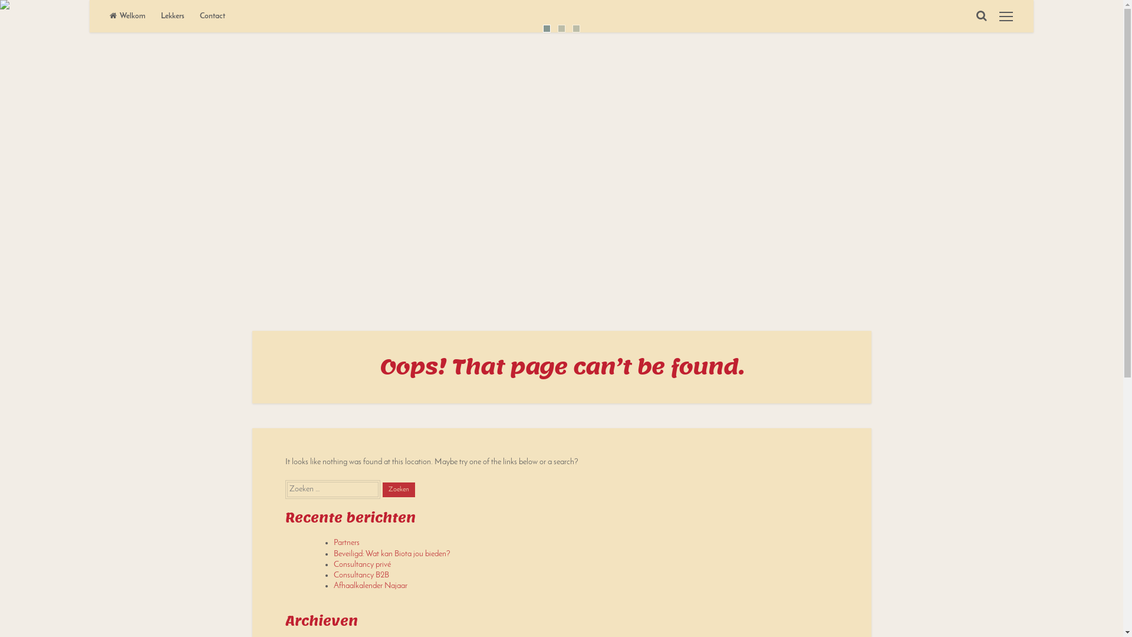  I want to click on 'Afhaalkalender Najaar', so click(370, 586).